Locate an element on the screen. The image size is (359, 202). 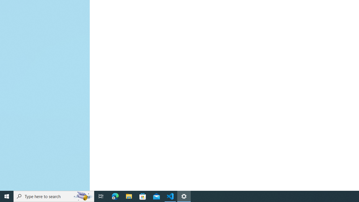
'File Explorer' is located at coordinates (129, 196).